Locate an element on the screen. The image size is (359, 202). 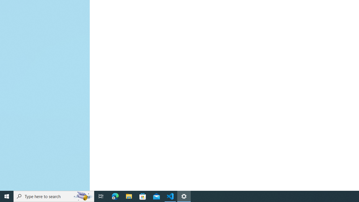
'File Explorer' is located at coordinates (129, 196).